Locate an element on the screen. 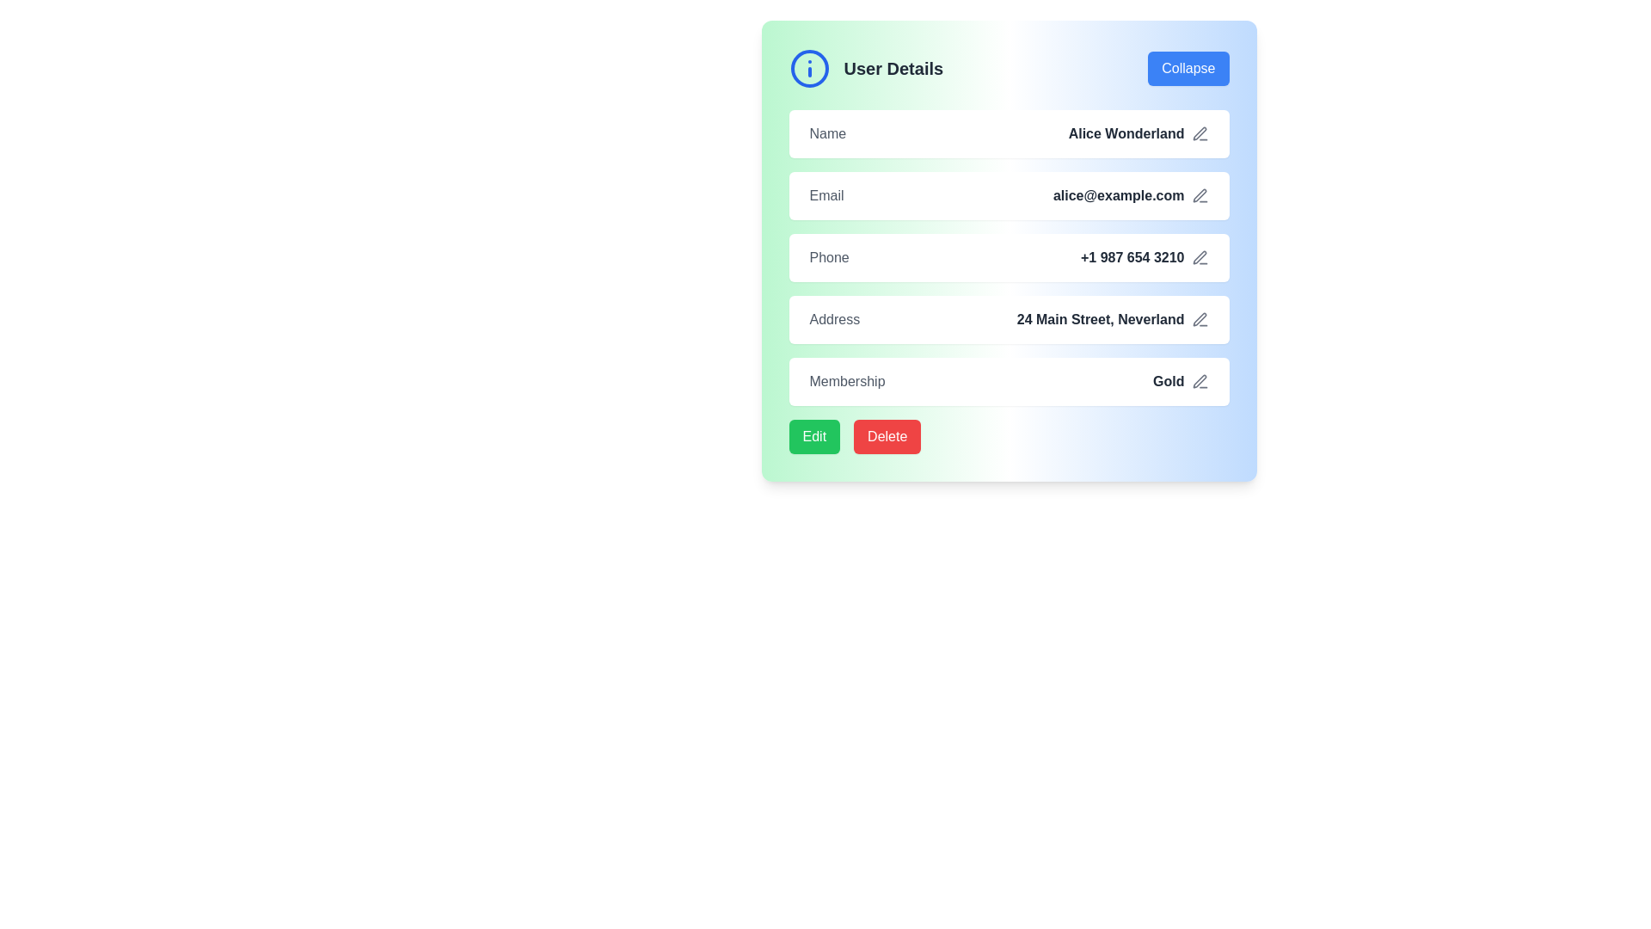  the Text Display element that conveys the user's address information, located to the right of the 'Address' label is located at coordinates (1113, 319).